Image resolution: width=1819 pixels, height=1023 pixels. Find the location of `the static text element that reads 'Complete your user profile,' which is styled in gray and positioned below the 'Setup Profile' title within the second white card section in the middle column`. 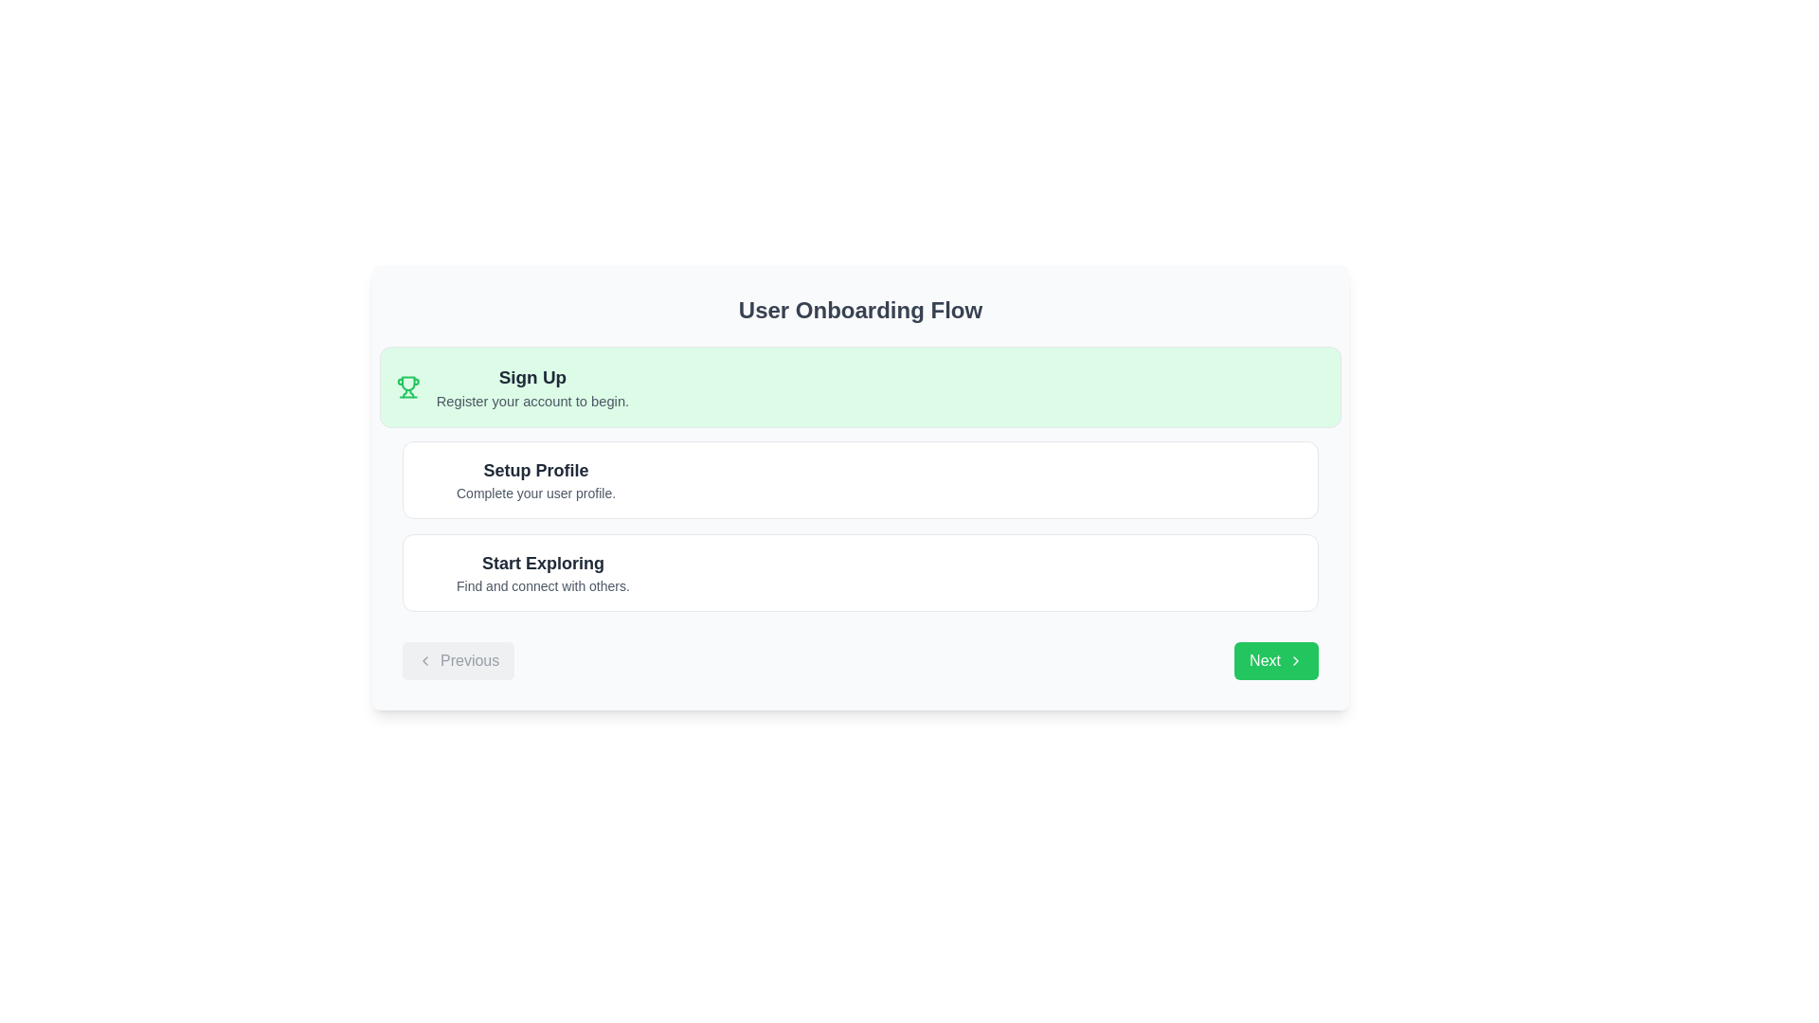

the static text element that reads 'Complete your user profile,' which is styled in gray and positioned below the 'Setup Profile' title within the second white card section in the middle column is located at coordinates (535, 492).